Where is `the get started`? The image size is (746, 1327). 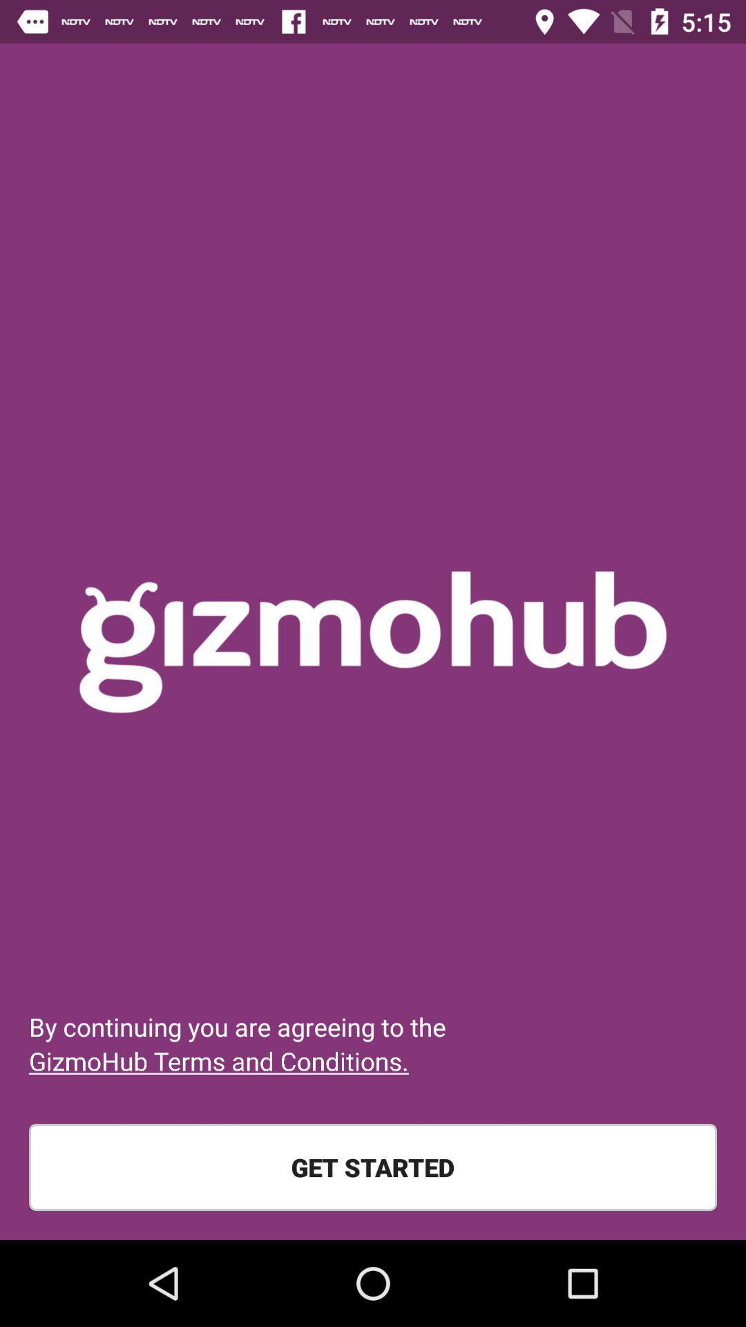
the get started is located at coordinates (373, 1167).